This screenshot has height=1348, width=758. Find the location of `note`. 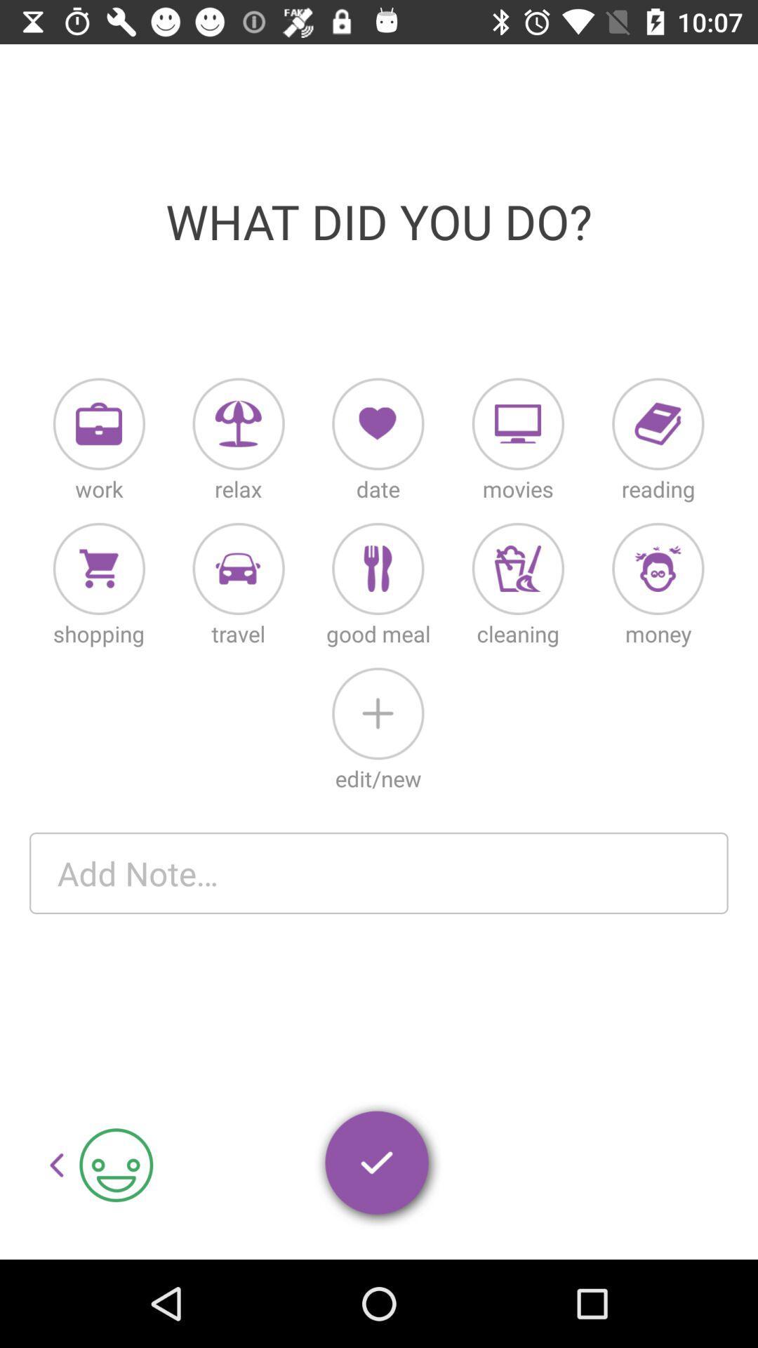

note is located at coordinates (379, 872).